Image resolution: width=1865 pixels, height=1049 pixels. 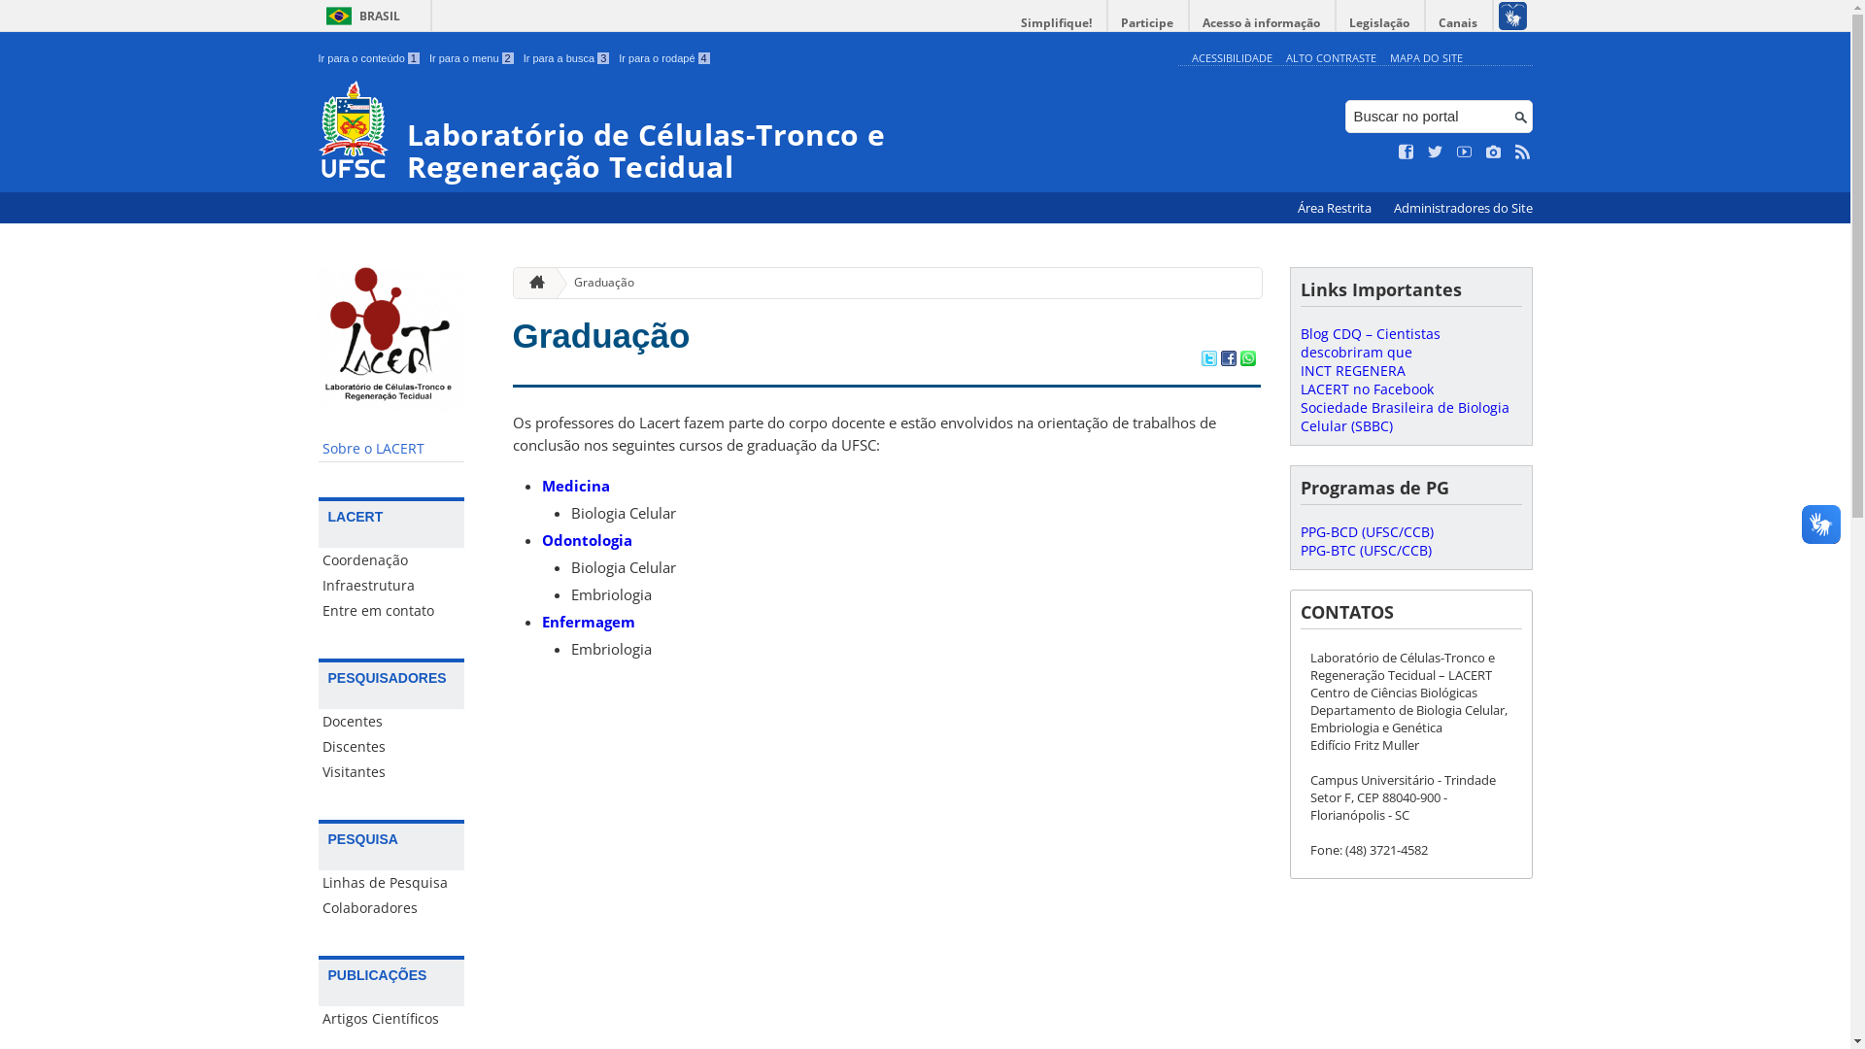 I want to click on 'Participe', so click(x=1146, y=22).